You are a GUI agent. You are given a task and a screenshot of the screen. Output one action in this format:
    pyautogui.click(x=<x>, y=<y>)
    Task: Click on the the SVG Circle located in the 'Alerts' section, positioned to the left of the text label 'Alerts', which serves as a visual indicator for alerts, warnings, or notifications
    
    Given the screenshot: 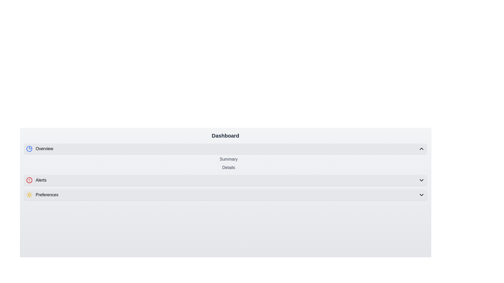 What is the action you would take?
    pyautogui.click(x=29, y=180)
    